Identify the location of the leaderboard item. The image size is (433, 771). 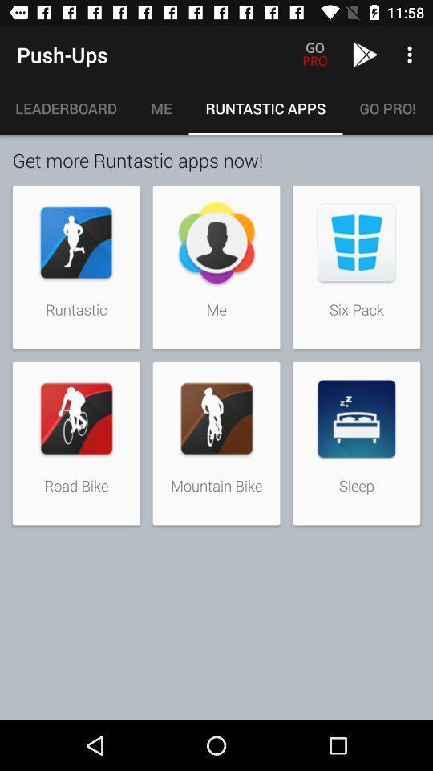
(66, 108).